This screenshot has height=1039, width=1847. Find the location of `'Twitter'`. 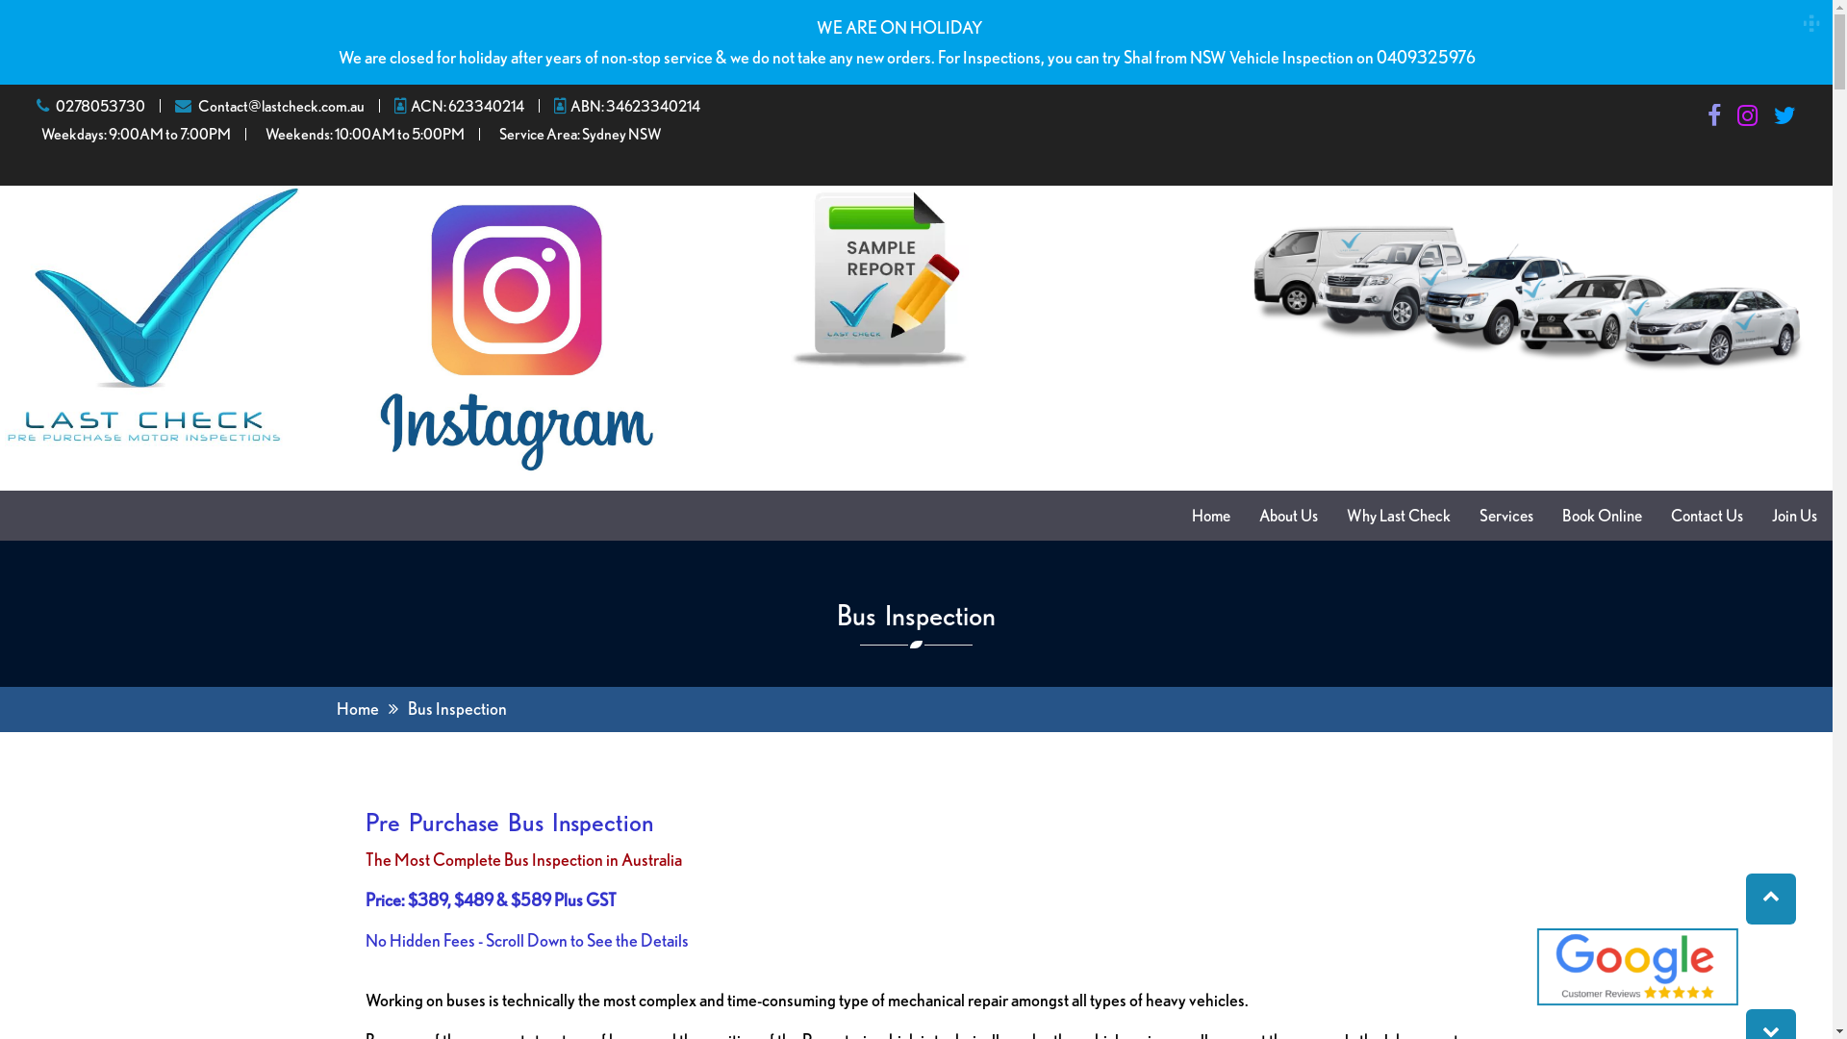

'Twitter' is located at coordinates (1784, 118).